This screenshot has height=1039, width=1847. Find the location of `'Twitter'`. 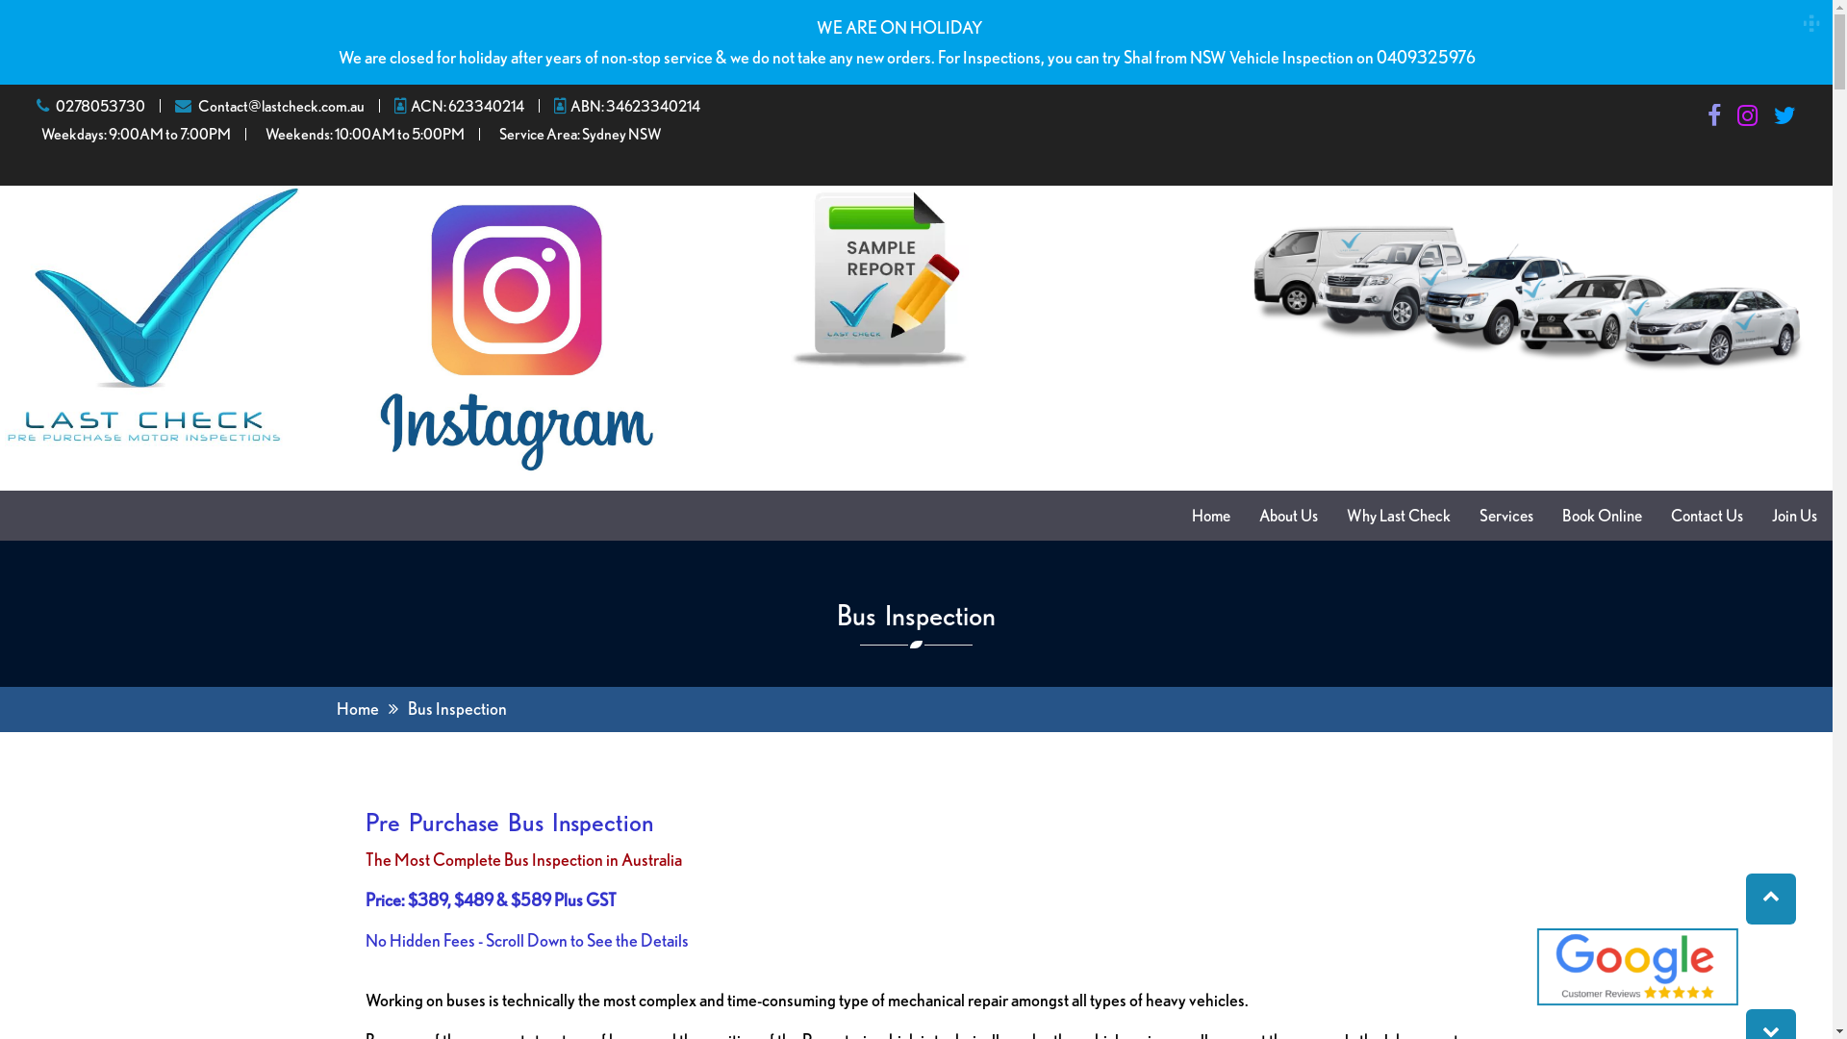

'Twitter' is located at coordinates (1784, 118).